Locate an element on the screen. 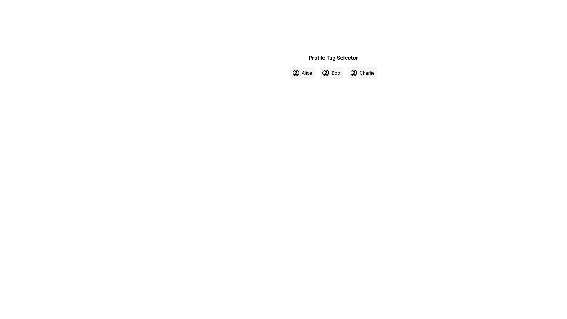 The height and width of the screenshot is (319, 567). the user profile icon labeled 'Bob', which is located to the right of Alice's icon and to the left of Charlie's icon is located at coordinates (325, 72).